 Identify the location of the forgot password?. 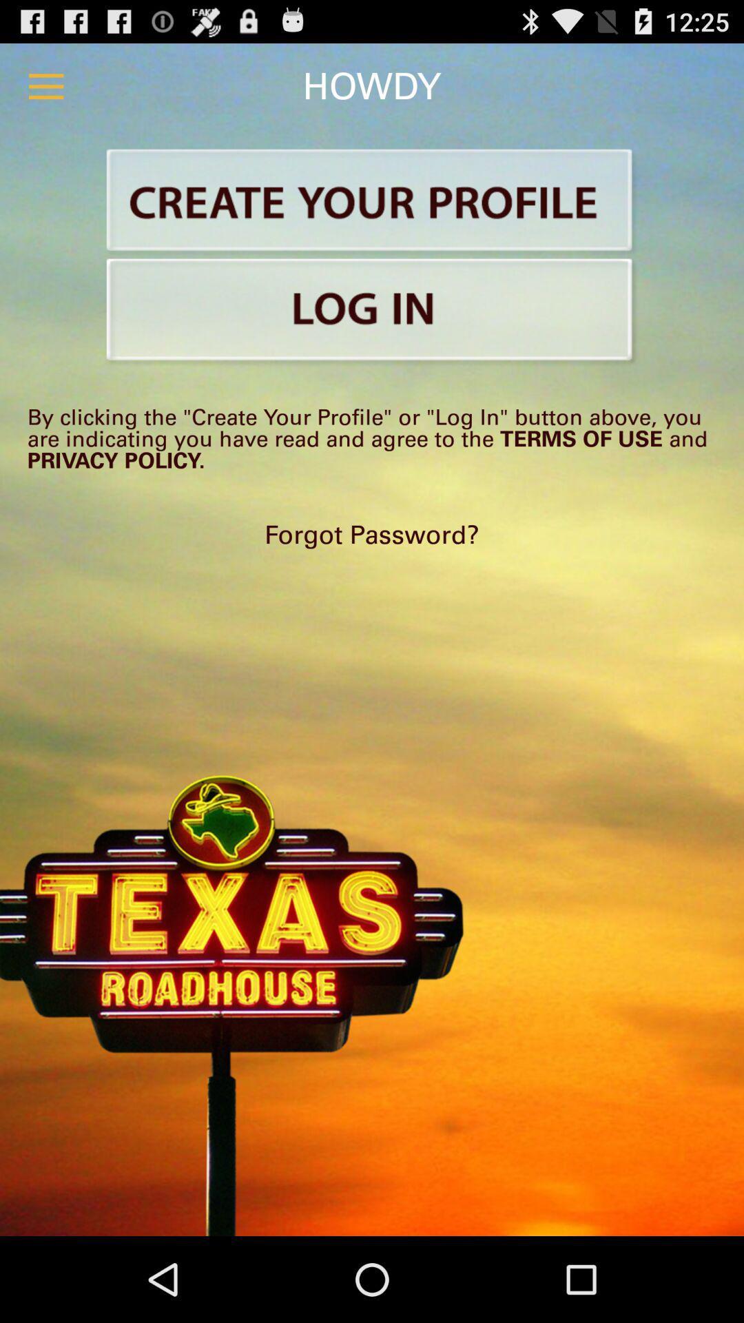
(372, 534).